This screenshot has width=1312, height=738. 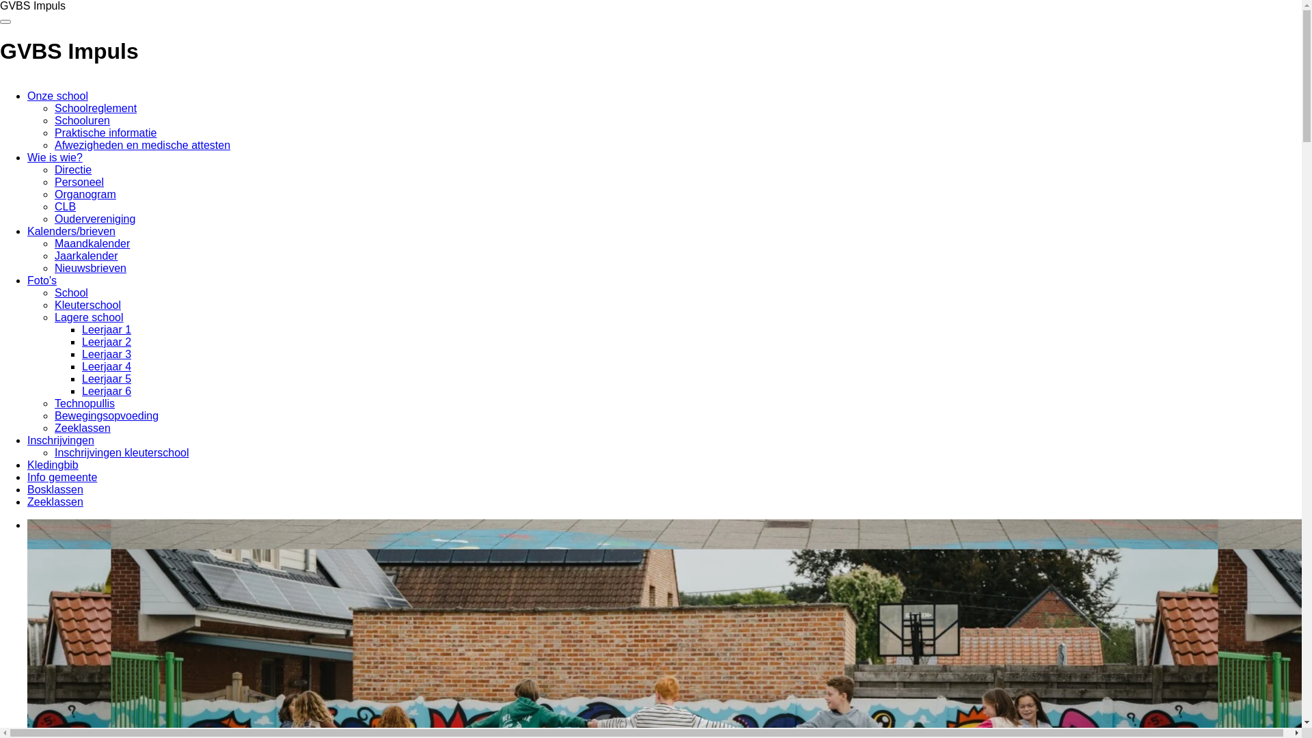 I want to click on 'Inschrijvingen kleuterschool', so click(x=122, y=452).